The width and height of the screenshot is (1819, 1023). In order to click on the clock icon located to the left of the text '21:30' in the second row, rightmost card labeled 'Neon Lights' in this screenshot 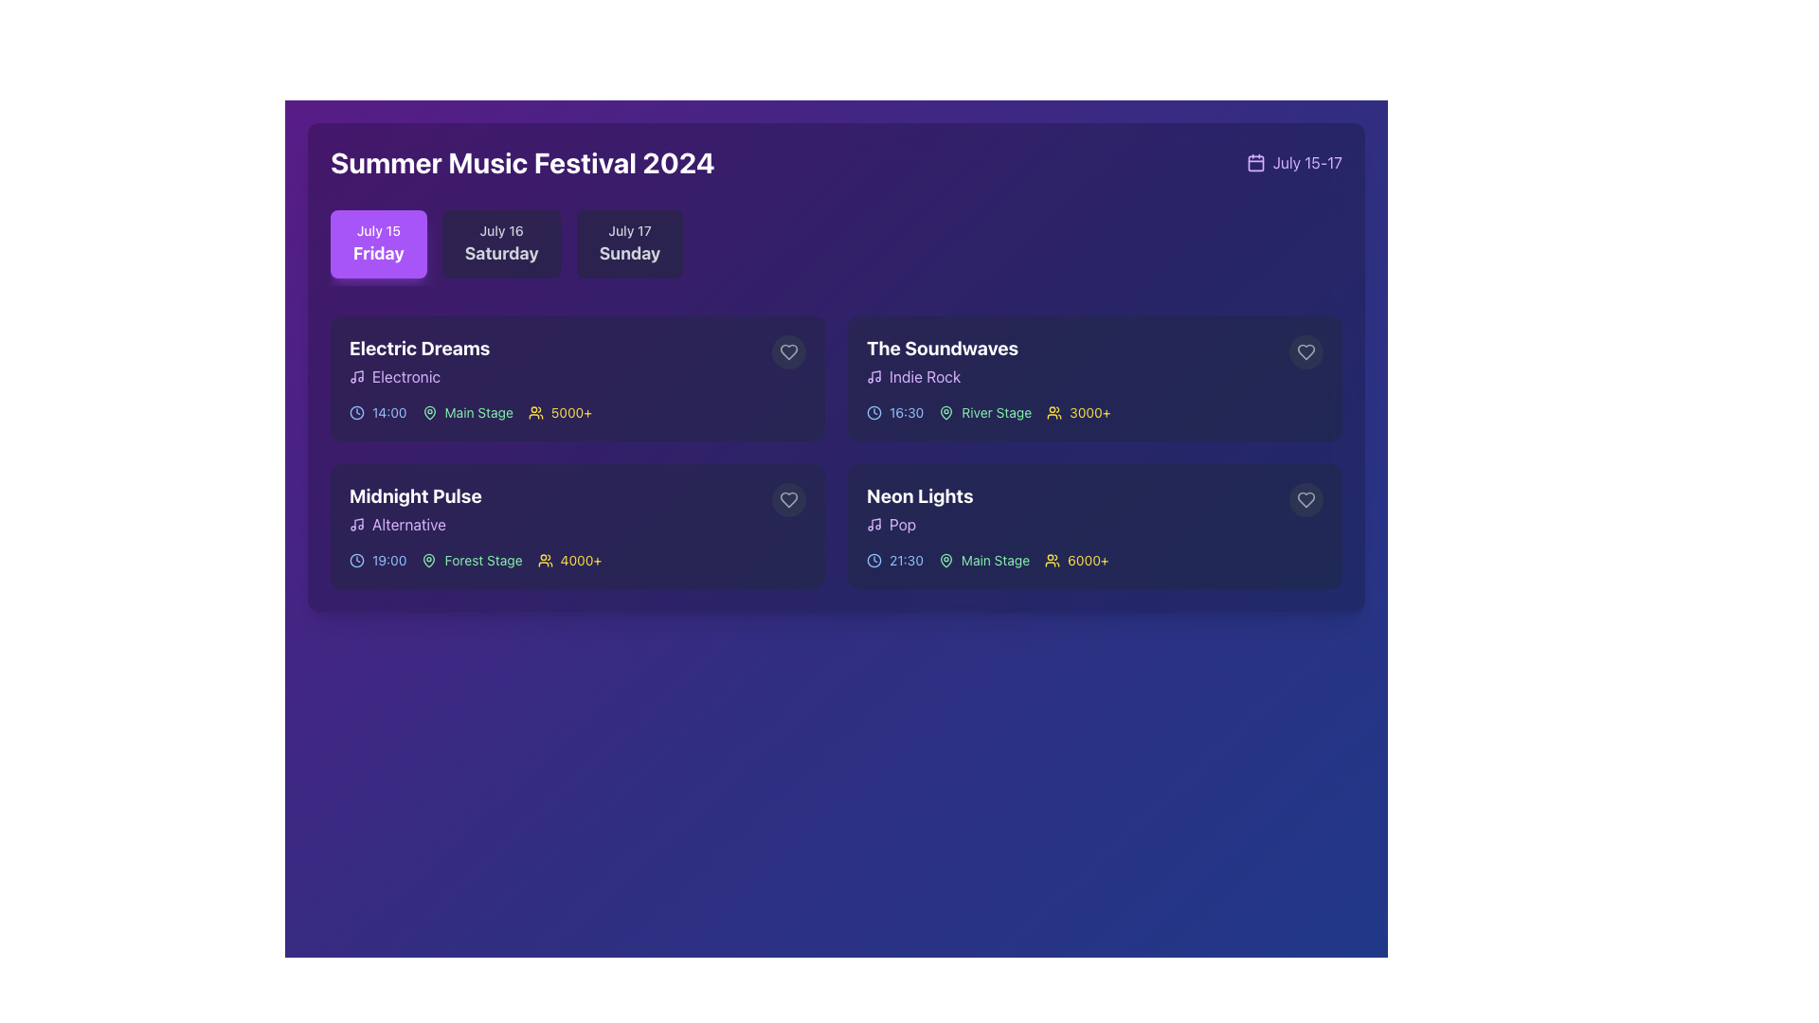, I will do `click(873, 559)`.